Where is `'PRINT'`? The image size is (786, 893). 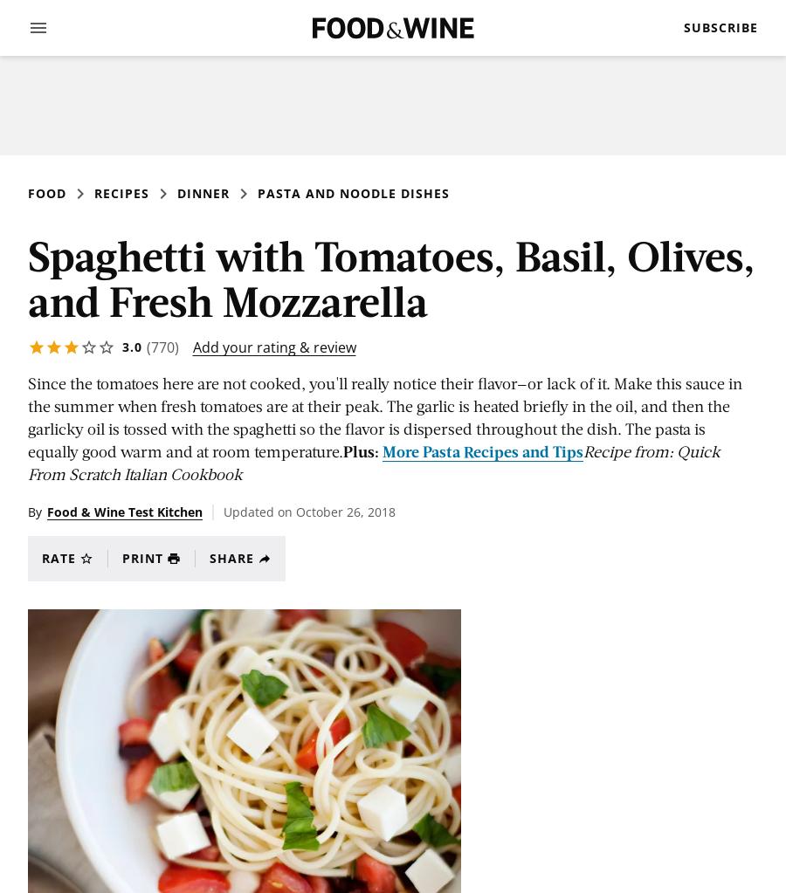 'PRINT' is located at coordinates (142, 558).